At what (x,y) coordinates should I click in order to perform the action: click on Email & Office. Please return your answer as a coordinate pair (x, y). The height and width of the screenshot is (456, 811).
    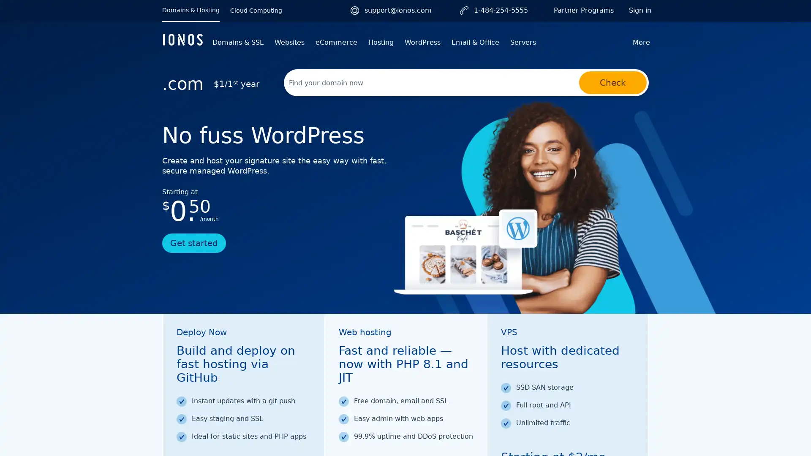
    Looking at the image, I should click on (465, 42).